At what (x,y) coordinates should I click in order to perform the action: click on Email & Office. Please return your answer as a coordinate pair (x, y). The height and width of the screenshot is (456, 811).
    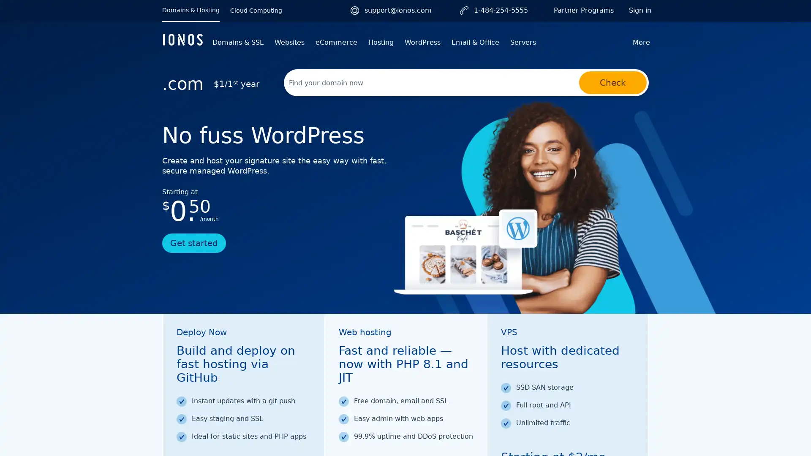
    Looking at the image, I should click on (465, 42).